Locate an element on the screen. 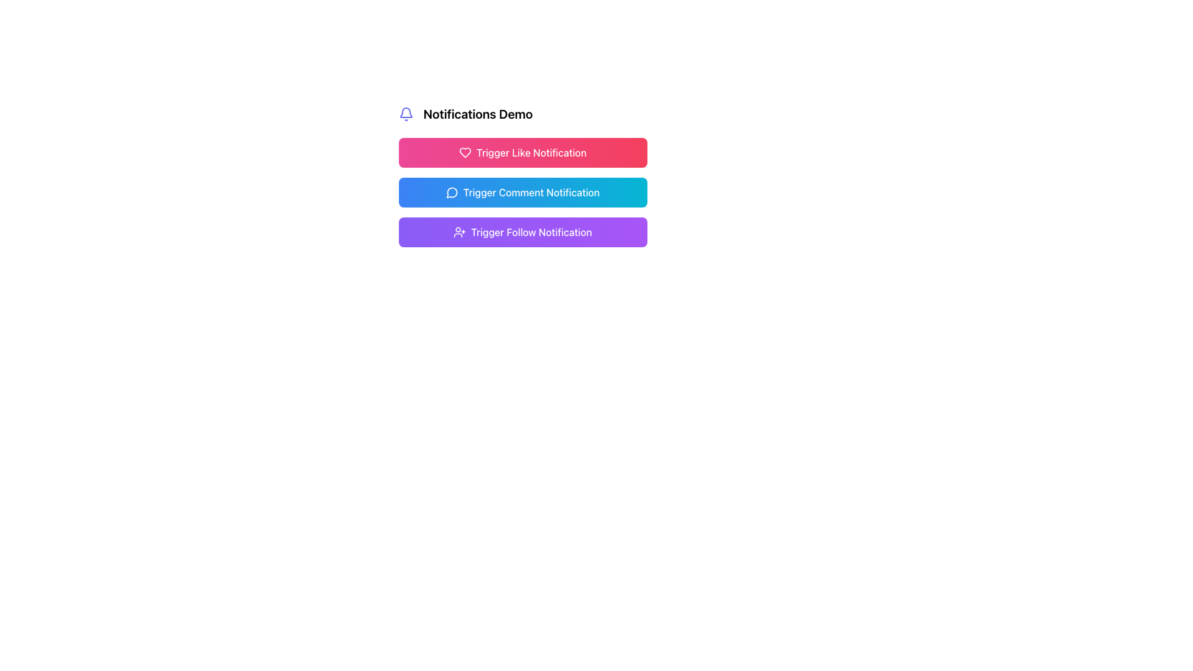 This screenshot has width=1193, height=671. the icon located on the left side of the 'Trigger Follow Notification' button, which is the third item in the vertical list of notification triggers is located at coordinates (459, 232).